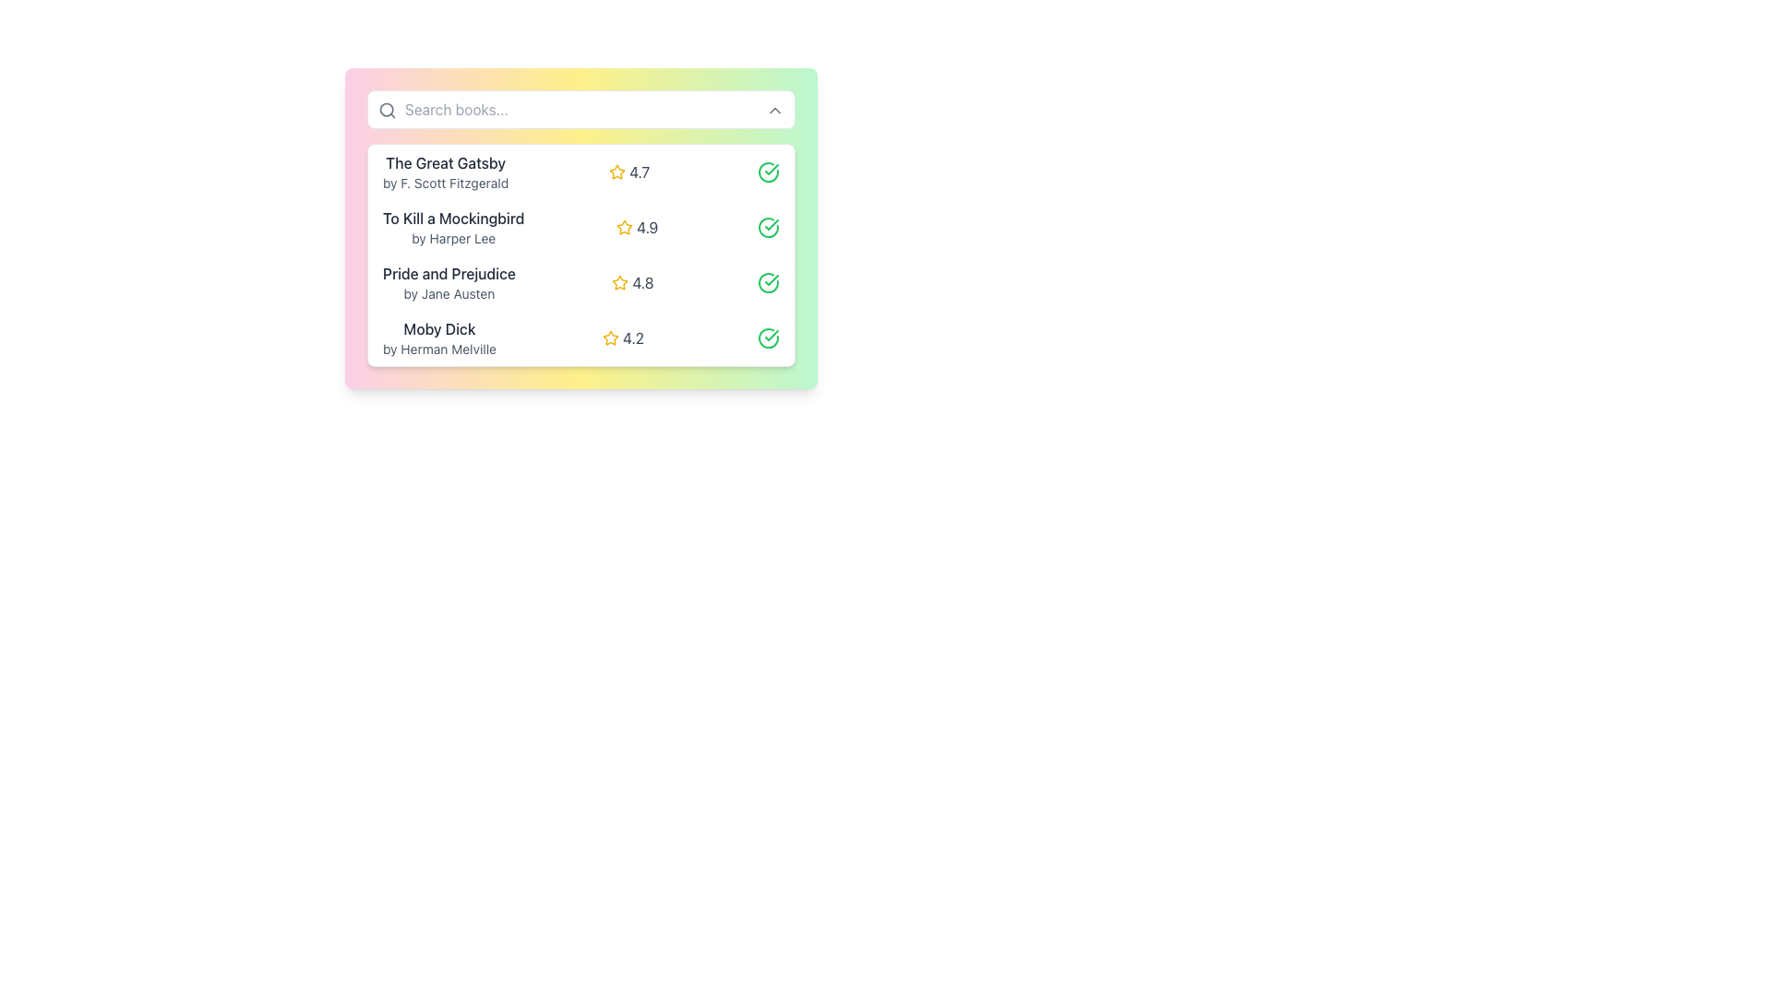  What do you see at coordinates (768, 338) in the screenshot?
I see `the completion indicator icon located at the far right of the row for the book entry 'Moby Dick by Herman Melville', positioned after the rating text '4.2'` at bounding box center [768, 338].